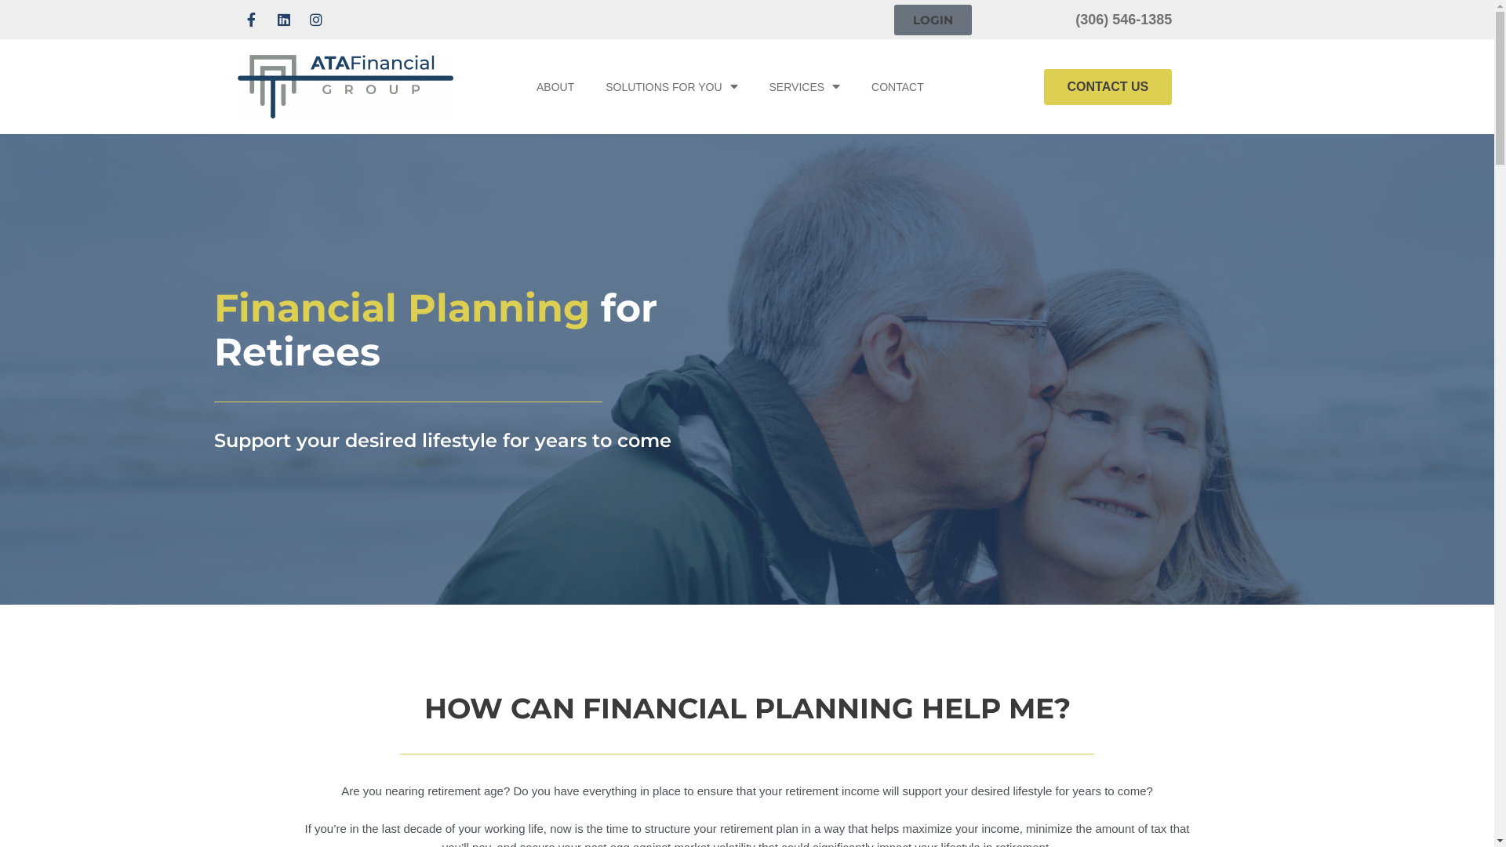 The width and height of the screenshot is (1506, 847). Describe the element at coordinates (897, 87) in the screenshot. I see `'CONTACT'` at that location.